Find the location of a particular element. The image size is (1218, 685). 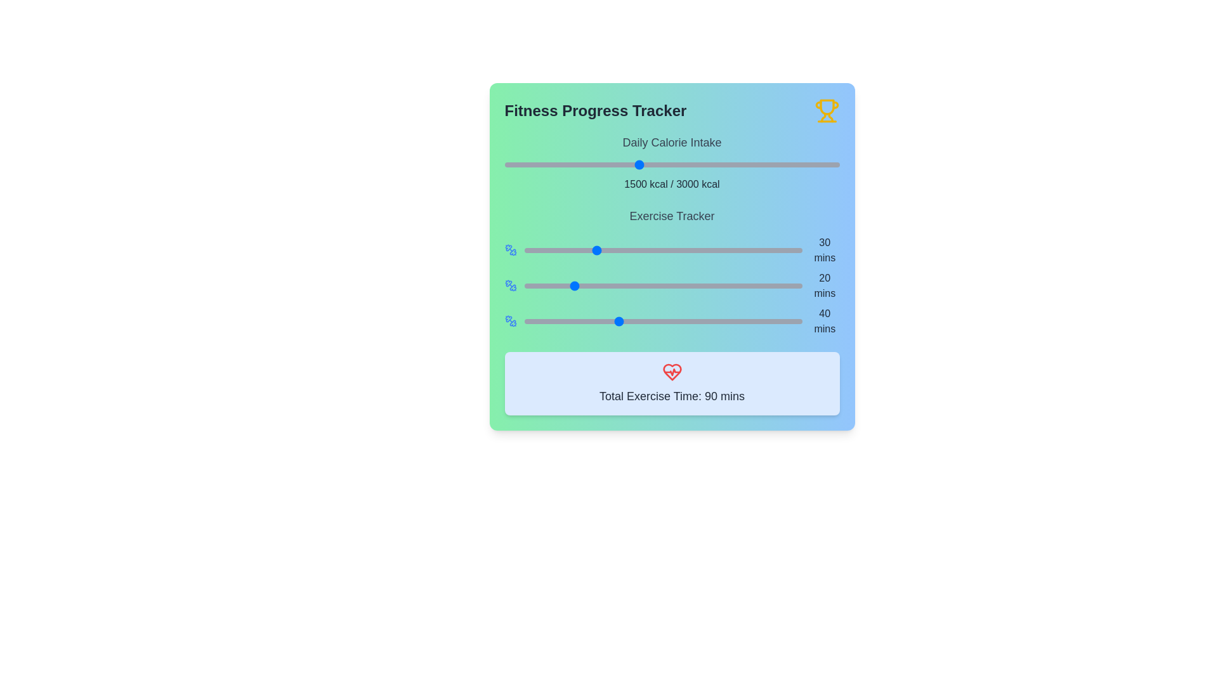

the text area displaying the label 'Exercise Tracker', which is styled in gray color and located underneath the 'Daily Calorie Intake' title is located at coordinates (671, 215).